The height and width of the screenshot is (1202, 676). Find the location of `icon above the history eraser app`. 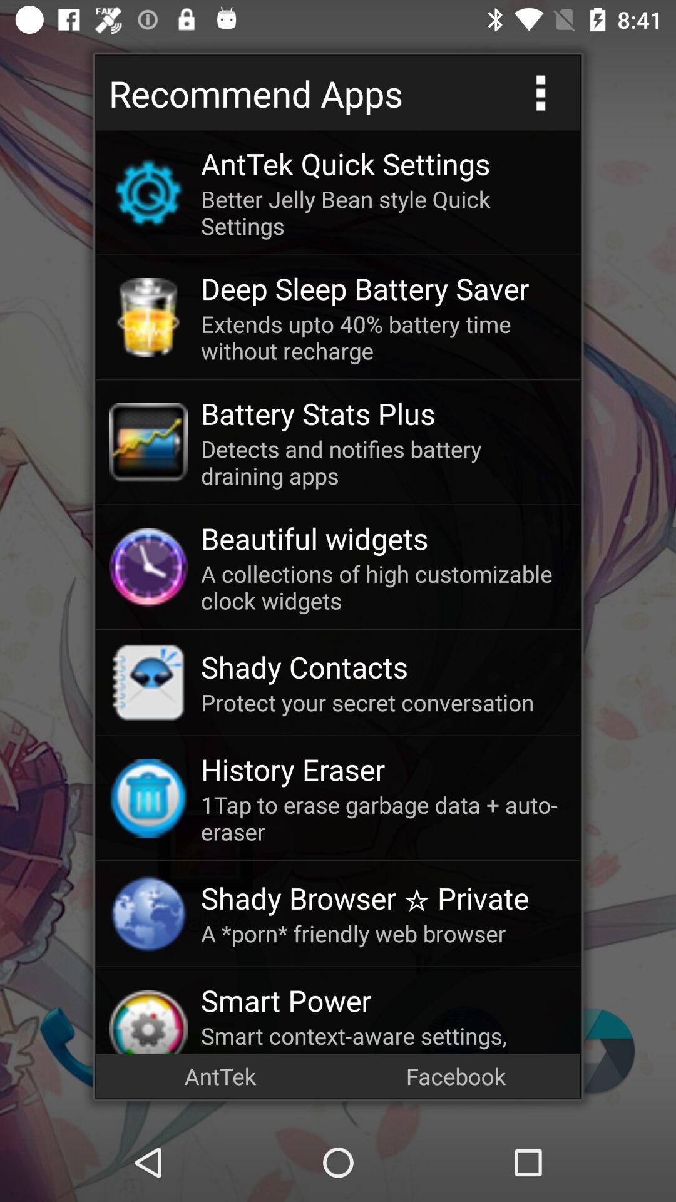

icon above the history eraser app is located at coordinates (383, 702).